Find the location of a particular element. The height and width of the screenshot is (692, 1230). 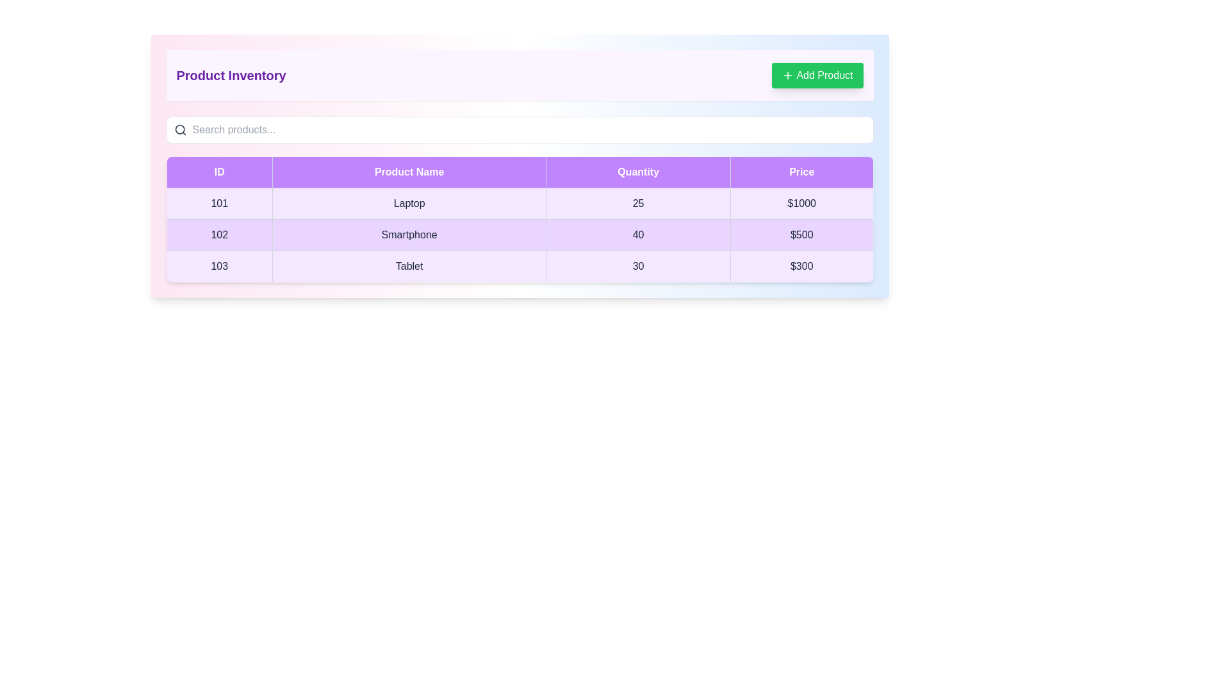

the static text label displaying the price of the product '$300' located in the 'Price' column of the table row for the product 'Tablet' is located at coordinates (801, 266).